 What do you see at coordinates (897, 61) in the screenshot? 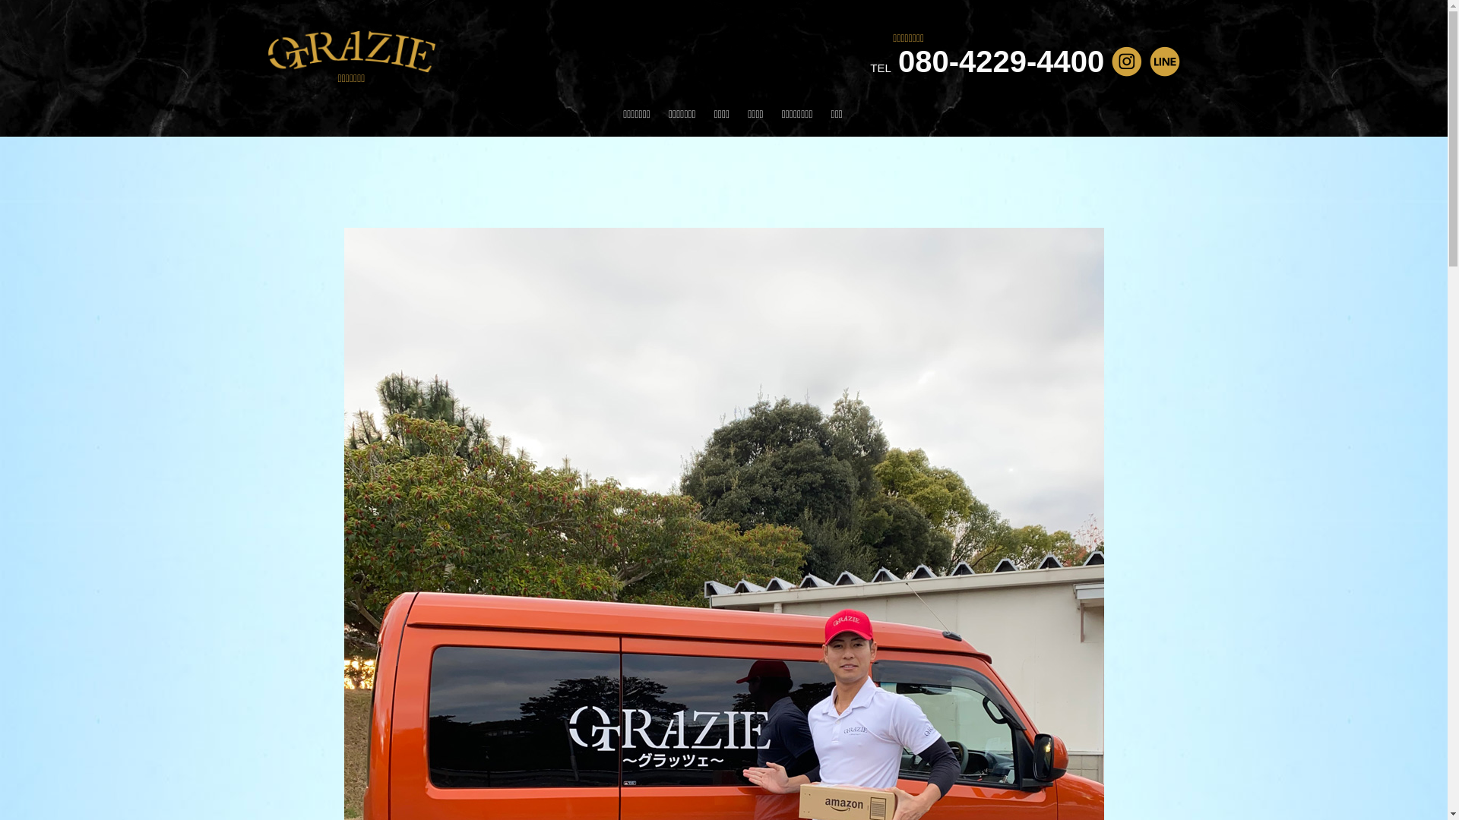
I see `'080-4229-4400'` at bounding box center [897, 61].